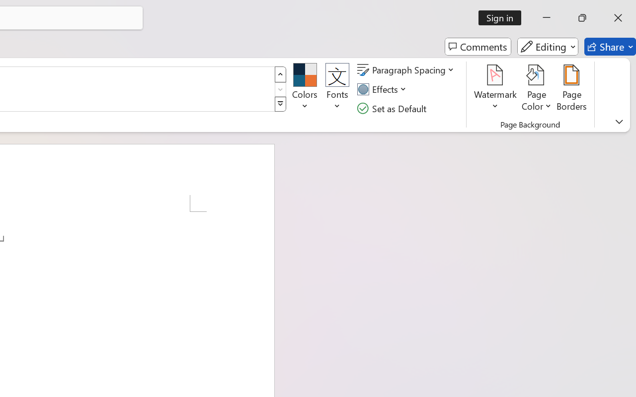  Describe the element at coordinates (536, 89) in the screenshot. I see `'Page Color'` at that location.